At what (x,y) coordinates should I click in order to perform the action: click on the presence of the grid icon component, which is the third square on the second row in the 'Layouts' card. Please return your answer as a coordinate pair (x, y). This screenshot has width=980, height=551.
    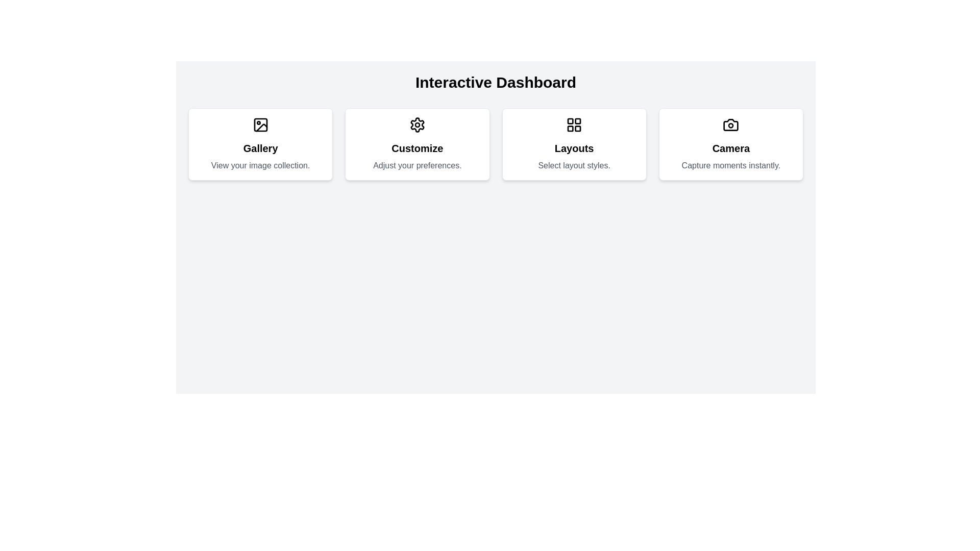
    Looking at the image, I should click on (578, 128).